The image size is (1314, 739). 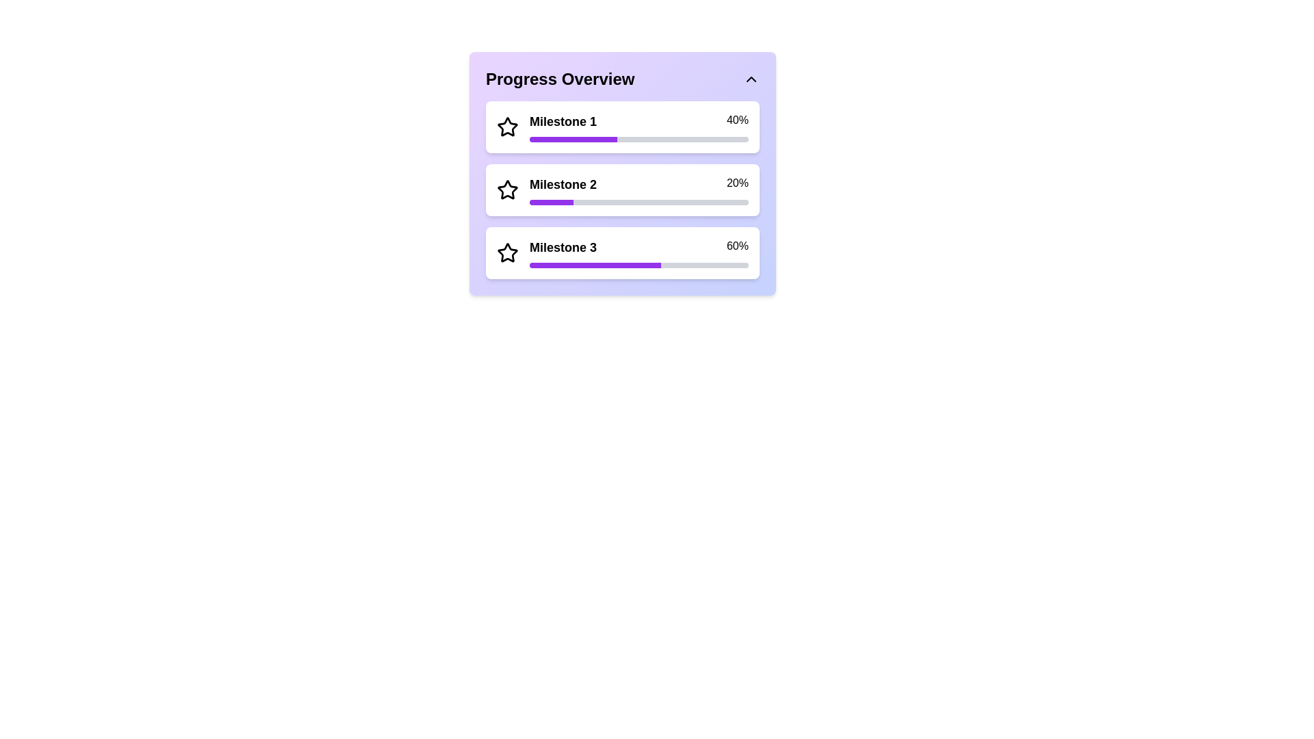 What do you see at coordinates (639, 140) in the screenshot?
I see `the rounded progress bar with a light gray background and purple foreground located in the 'Milestone 1' section, next to the '40%' completion text` at bounding box center [639, 140].